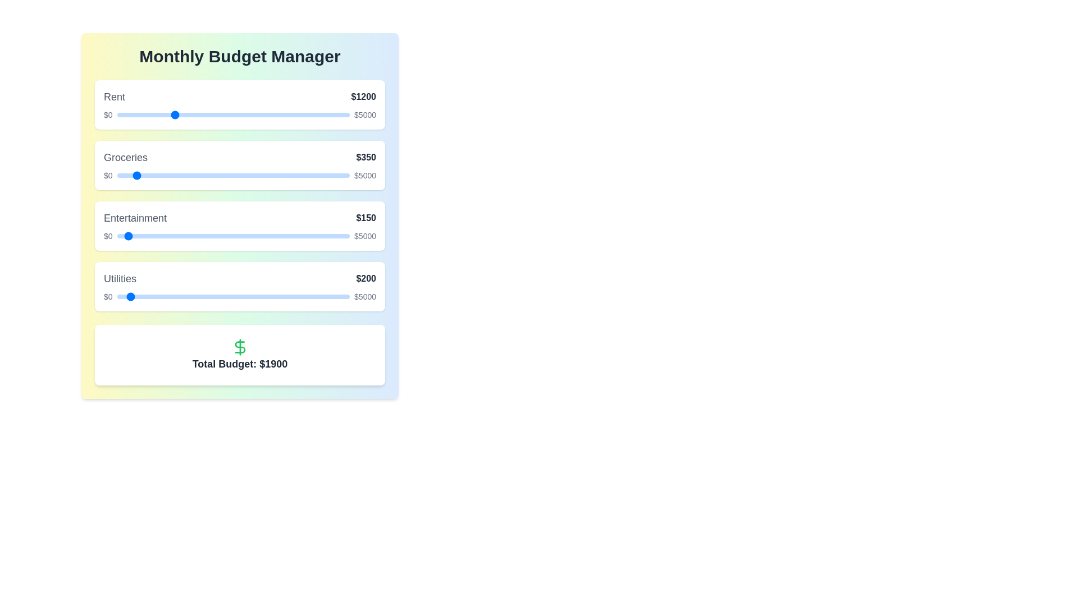 Image resolution: width=1078 pixels, height=606 pixels. I want to click on the utility budget slider, so click(136, 296).